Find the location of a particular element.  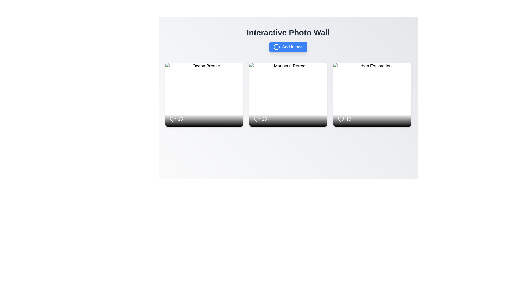

the 'like' icon located in the lower-left part of the 'Ocean Breeze' card is located at coordinates (172, 119).